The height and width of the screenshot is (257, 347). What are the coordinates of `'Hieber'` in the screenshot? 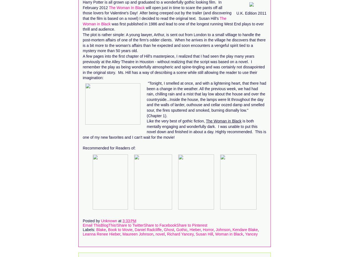 It's located at (195, 229).